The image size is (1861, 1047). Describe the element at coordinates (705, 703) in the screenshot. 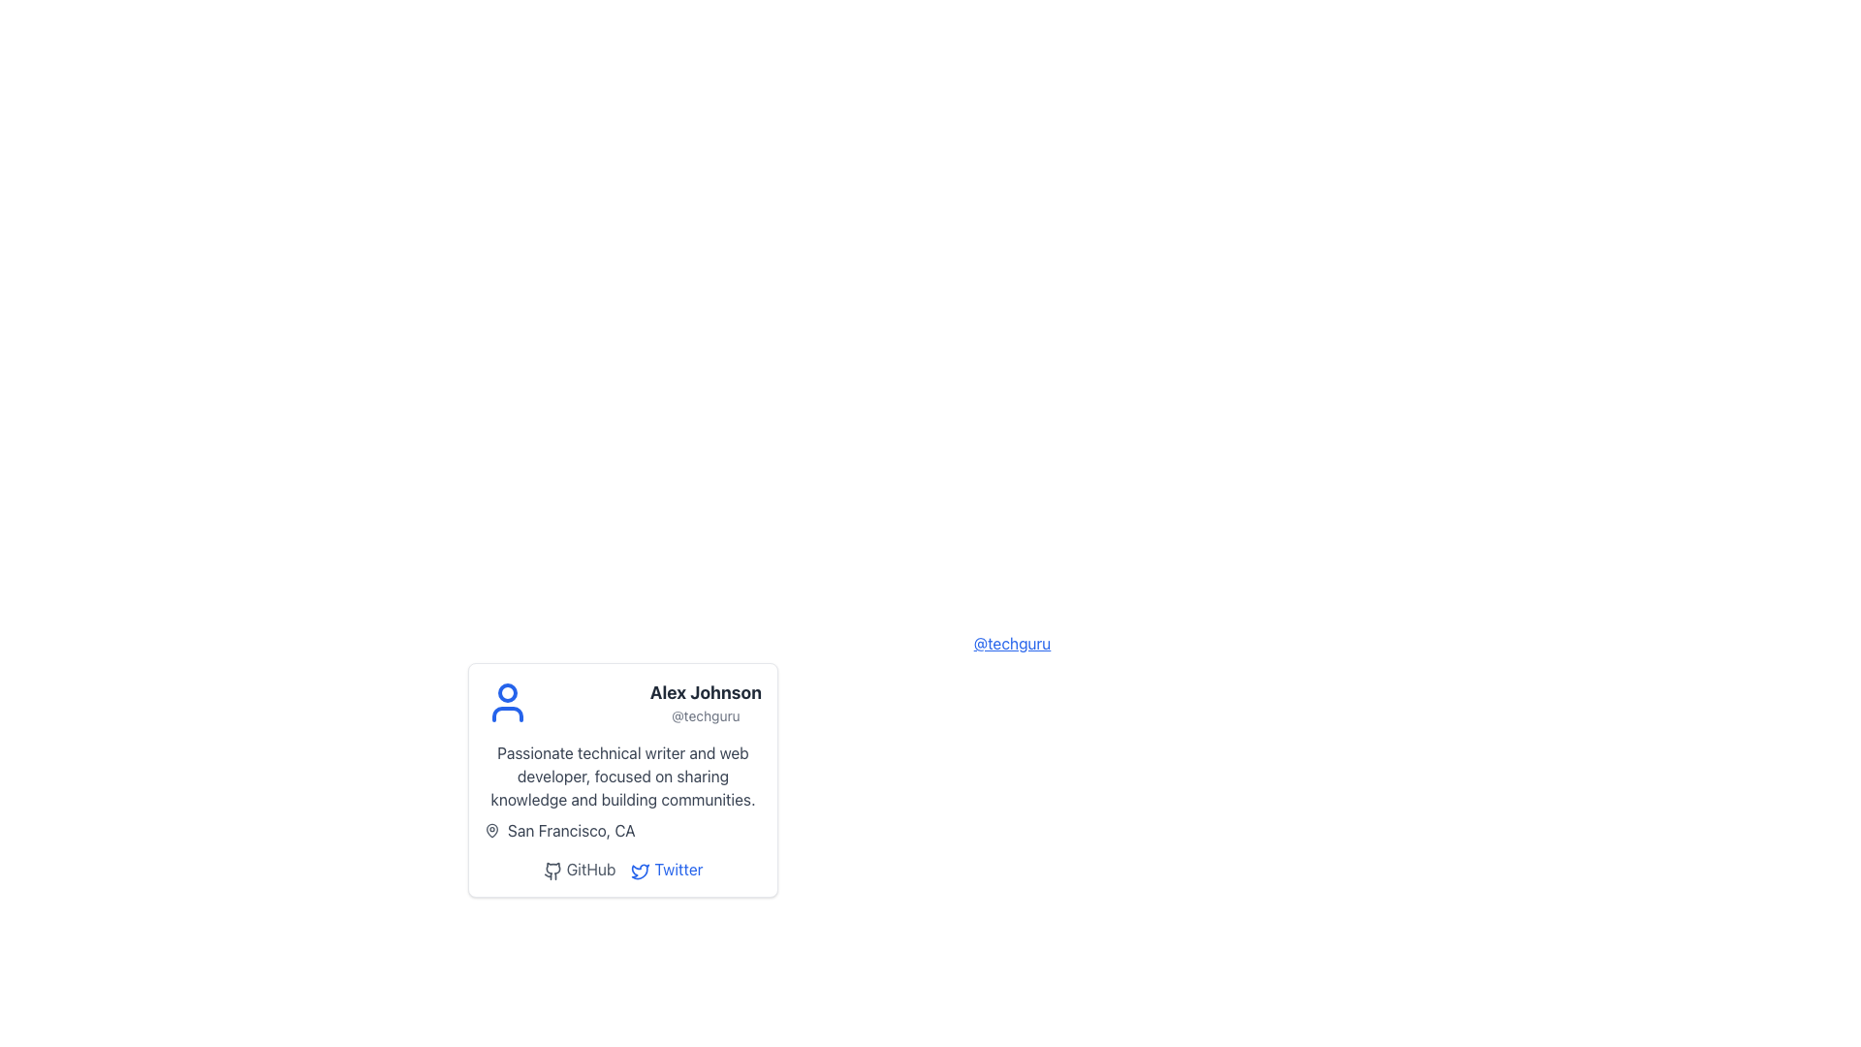

I see `displayed name 'Alex Johnson' and username '@techguru' from the Text Display located in the right section of a card-like component, adjacent to a blue user avatar icon` at that location.